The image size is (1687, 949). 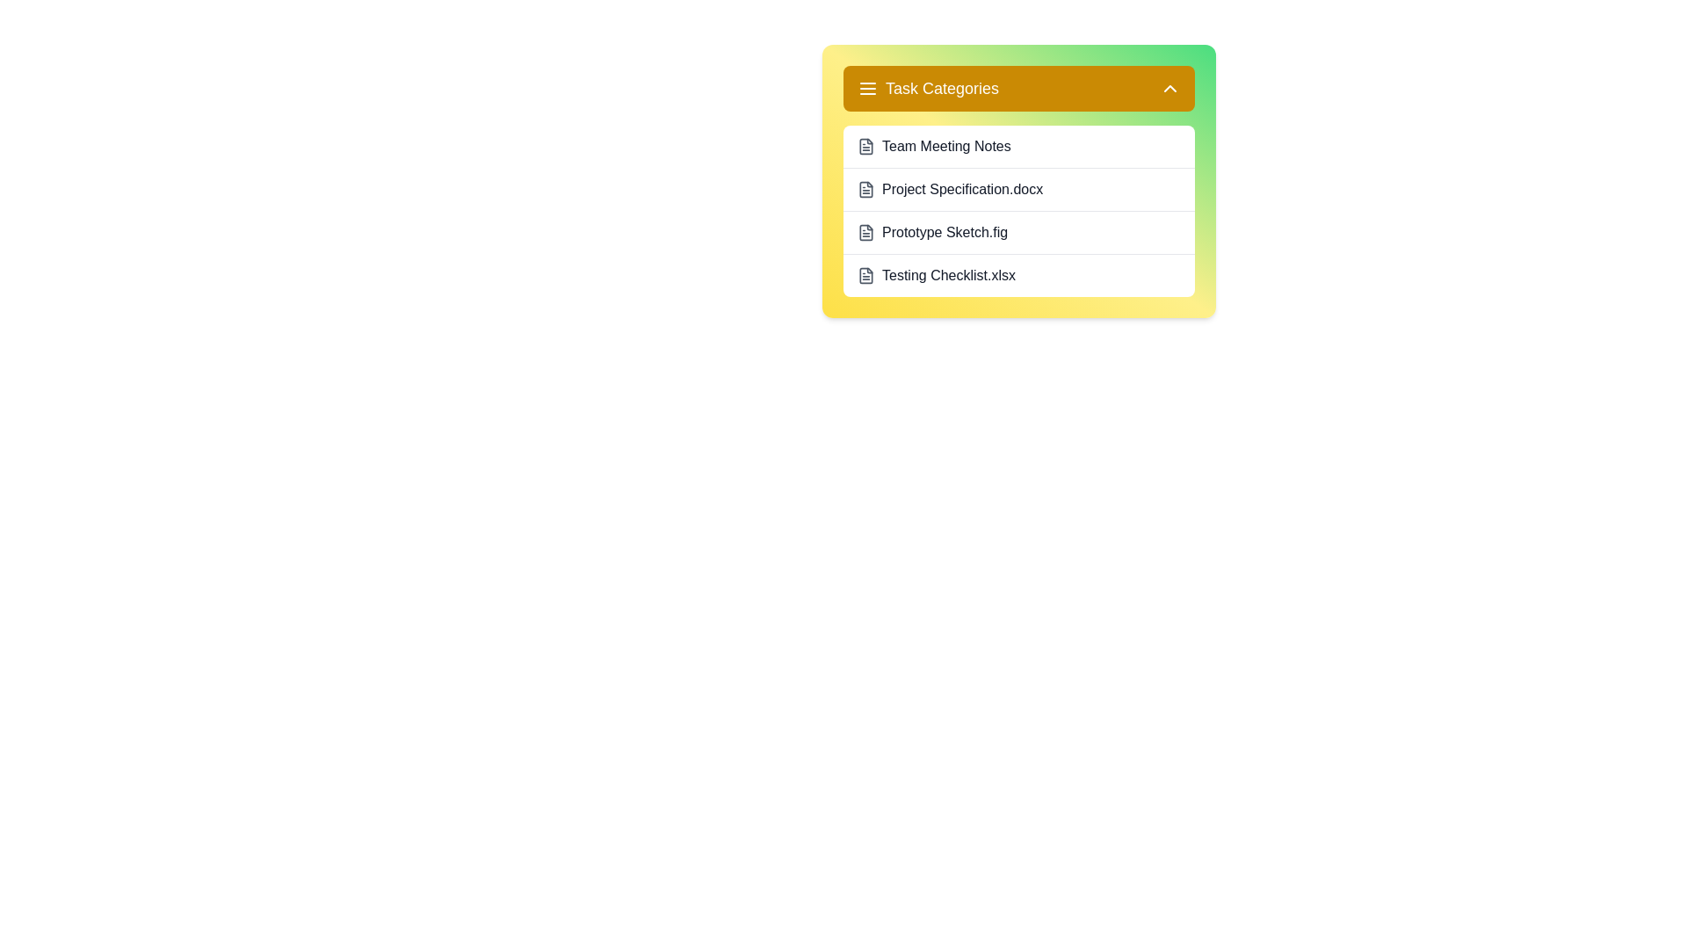 What do you see at coordinates (1019, 189) in the screenshot?
I see `the task Project Specification.docx from the task list` at bounding box center [1019, 189].